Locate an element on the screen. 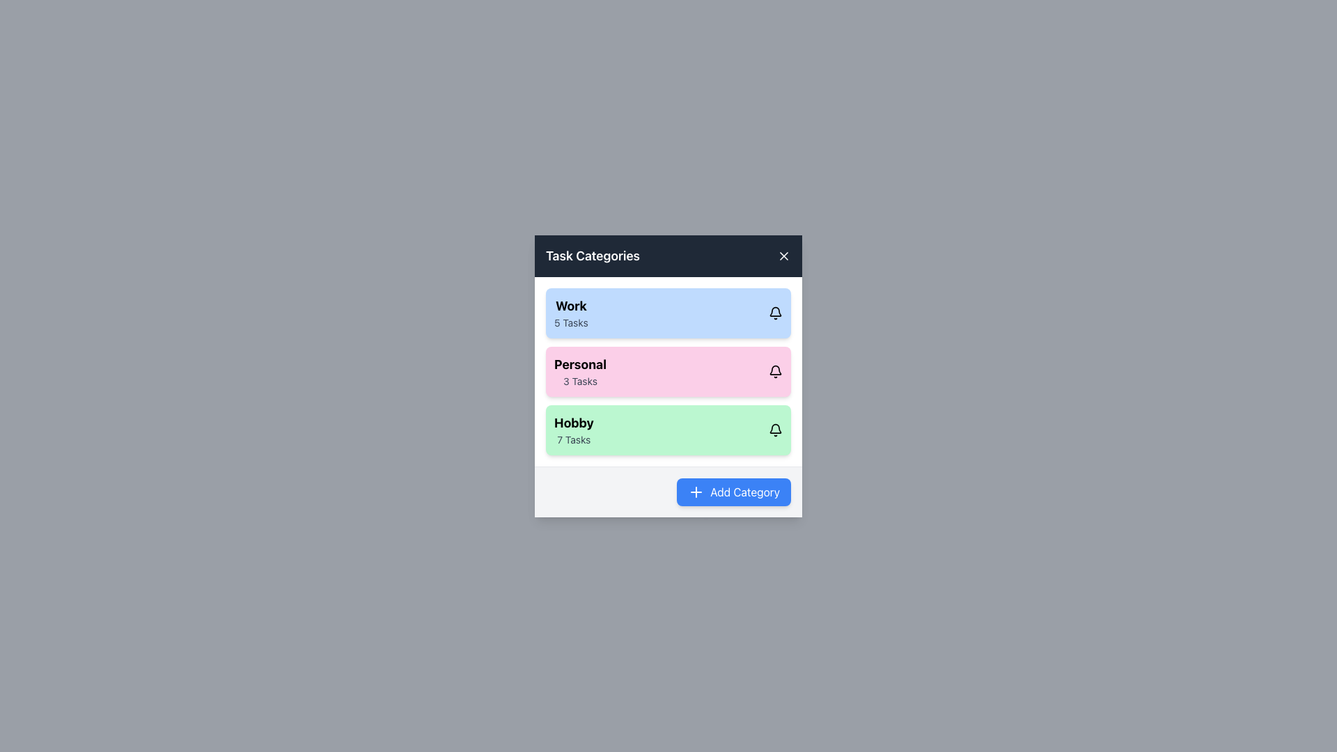 The height and width of the screenshot is (752, 1337). the Text Label representing the 'Work' task category, which is positioned above the subtext '5 Tasks' in the topmost category box is located at coordinates (571, 305).